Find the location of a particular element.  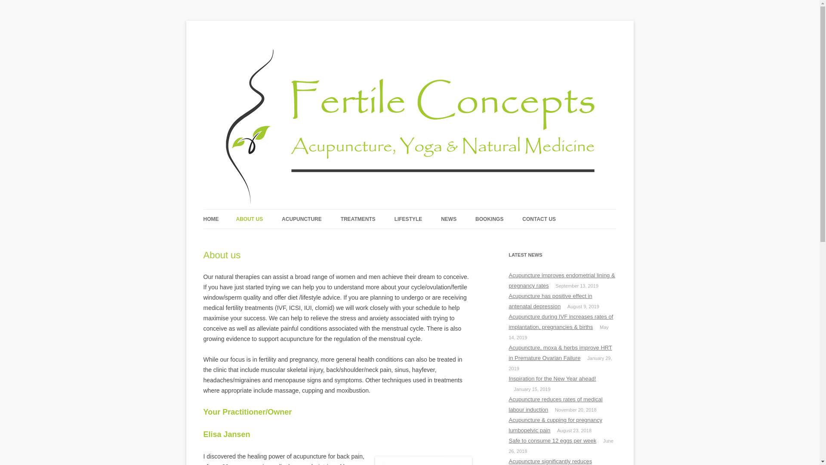

'HOME' is located at coordinates (210, 219).